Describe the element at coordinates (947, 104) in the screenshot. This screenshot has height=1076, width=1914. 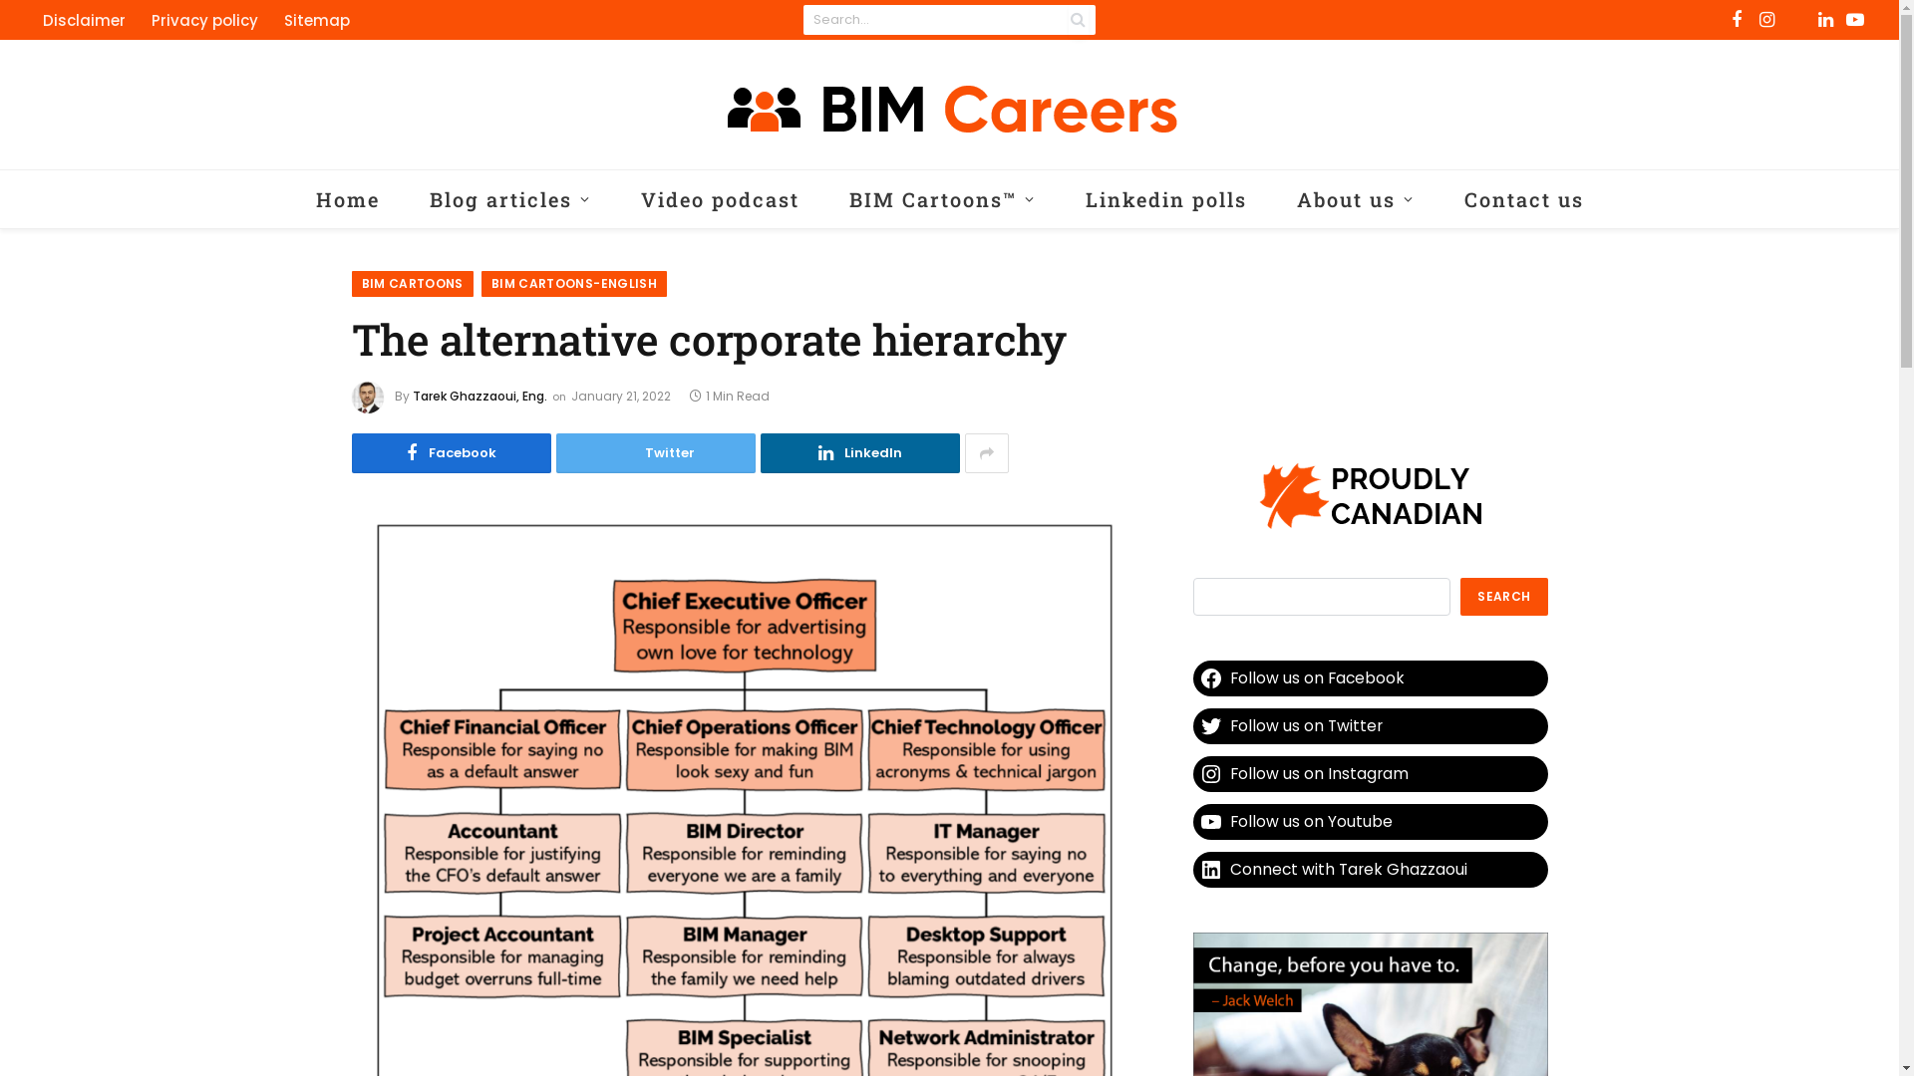
I see `'BIM Careers'` at that location.